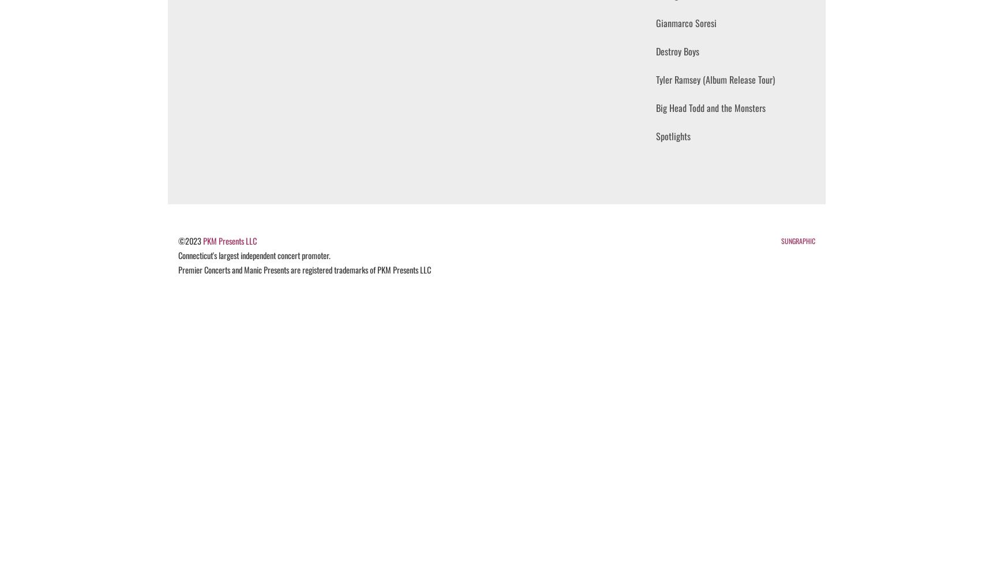 The height and width of the screenshot is (577, 993). Describe the element at coordinates (303, 269) in the screenshot. I see `'Premier Concerts and Manic Presents are registered trademarks of PKM Presents LLC'` at that location.